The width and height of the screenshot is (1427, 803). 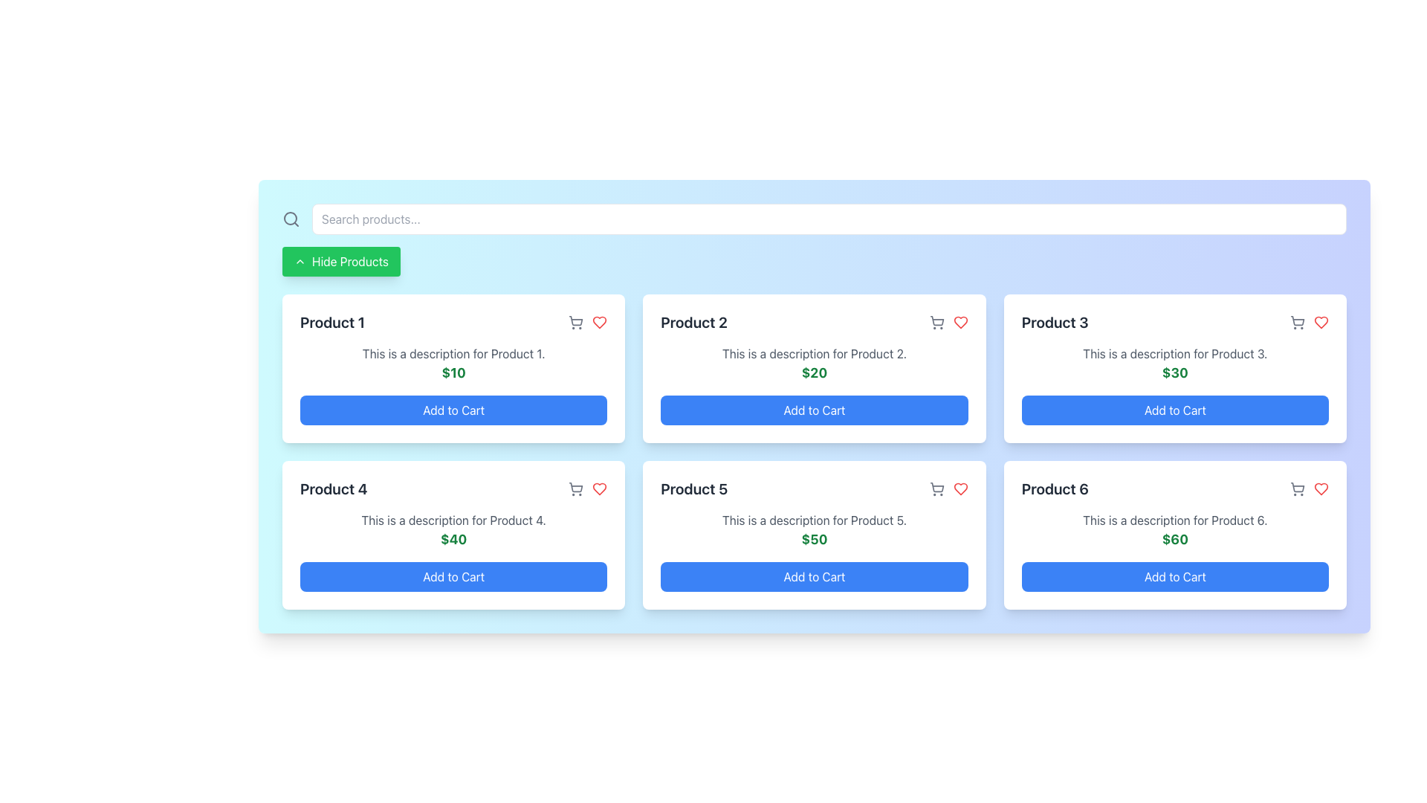 What do you see at coordinates (813, 539) in the screenshot?
I see `the price label displaying '$50' for 'Product 5', located in the middle of the second row of the product grid, below the description and above the 'Add to Cart' button` at bounding box center [813, 539].